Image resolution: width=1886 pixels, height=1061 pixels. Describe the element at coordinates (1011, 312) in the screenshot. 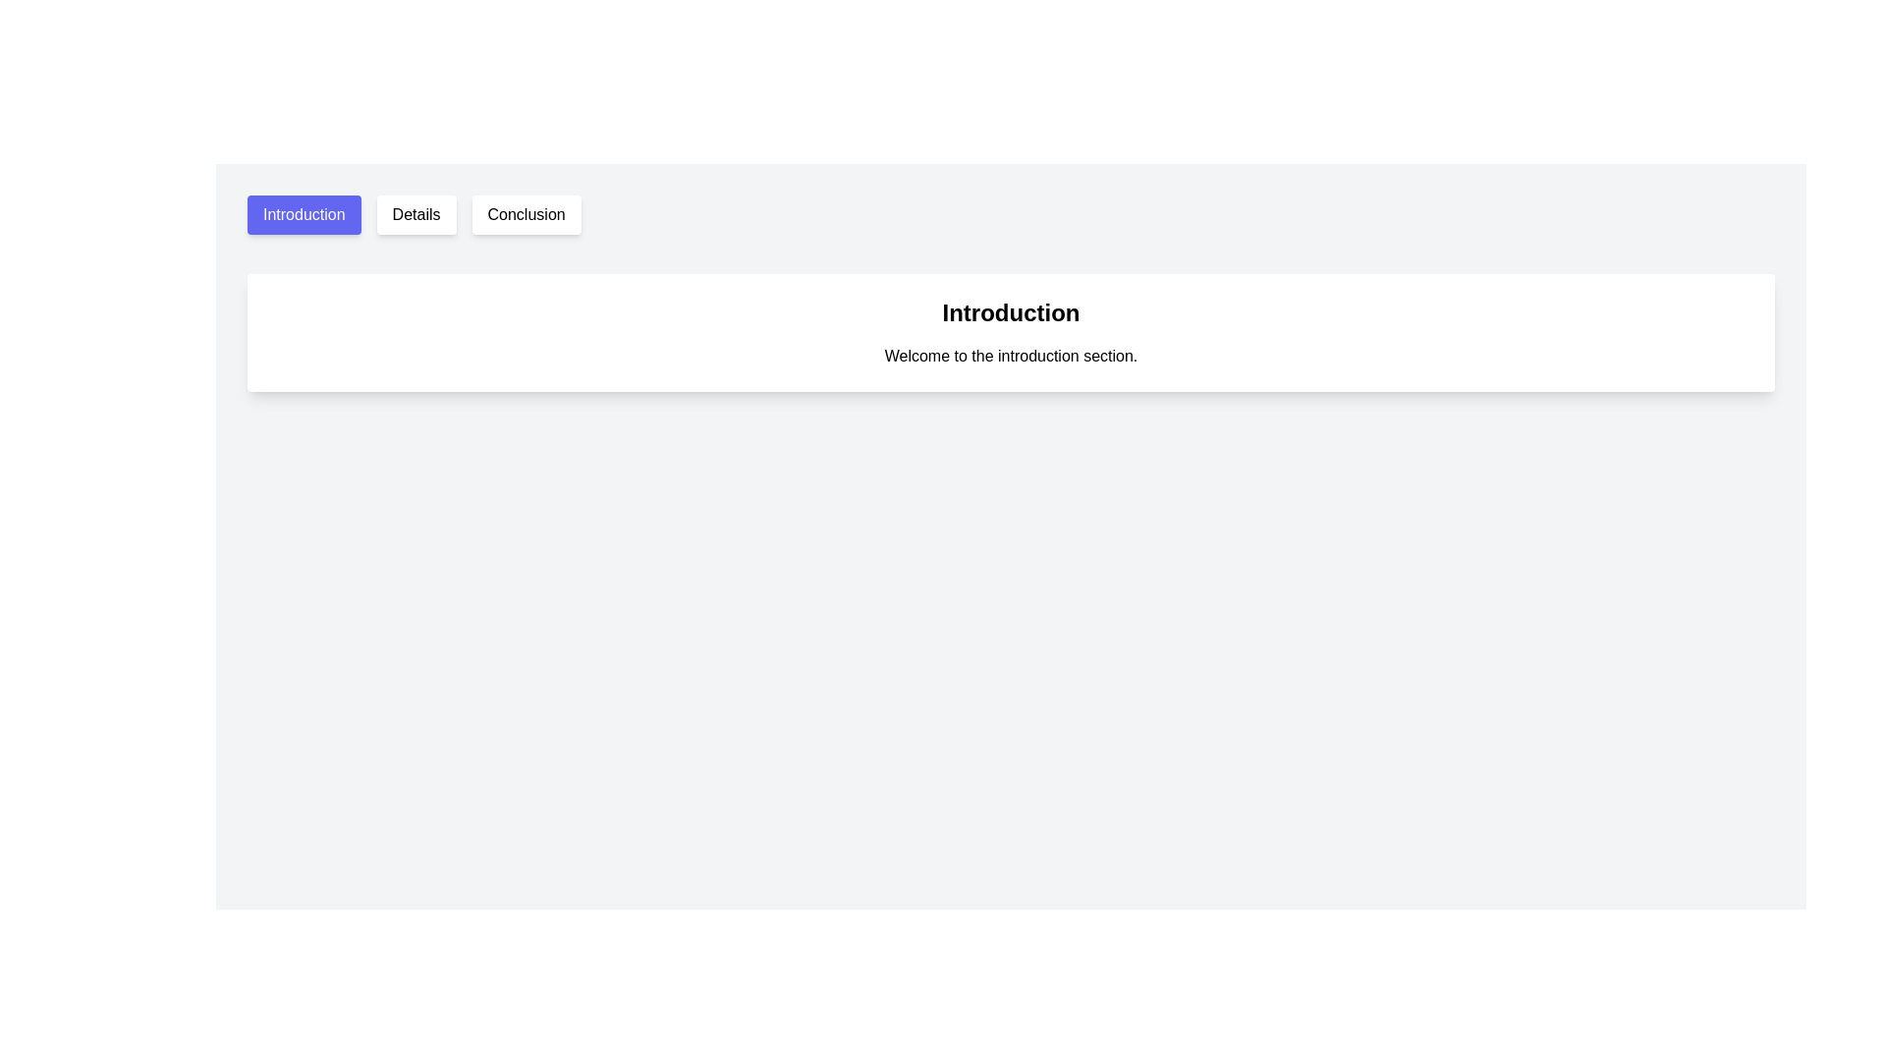

I see `the 'Introduction' text header, which is bold and large, positioned above the text 'Welcome to the introduction section'` at that location.